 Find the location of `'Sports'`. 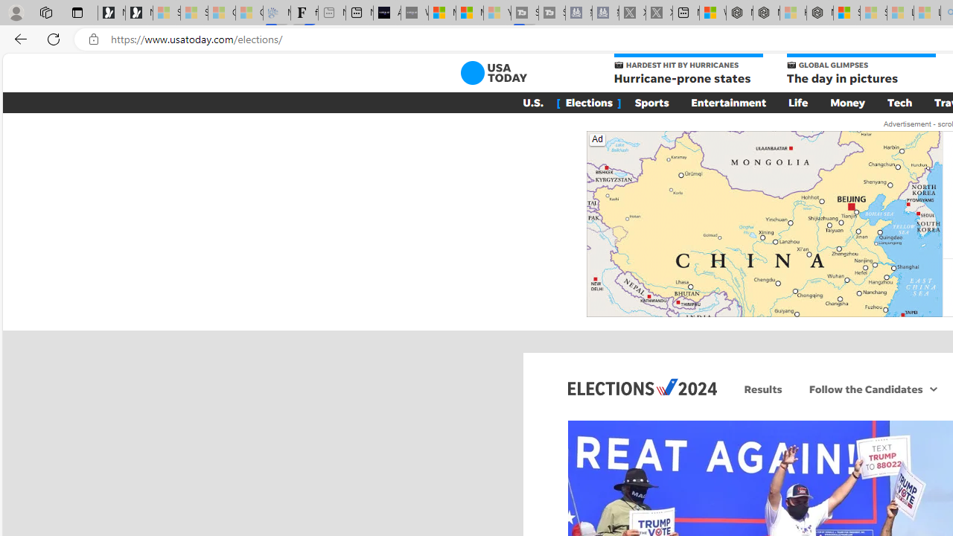

'Sports' is located at coordinates (651, 101).